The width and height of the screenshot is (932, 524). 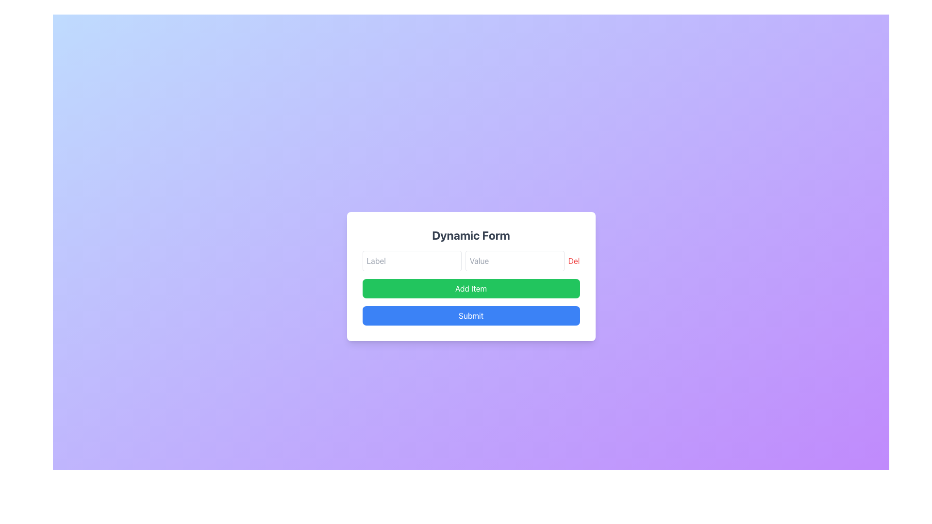 What do you see at coordinates (471, 235) in the screenshot?
I see `the title text that serves as a heading, positioned at the top of the card layout and centered horizontally` at bounding box center [471, 235].